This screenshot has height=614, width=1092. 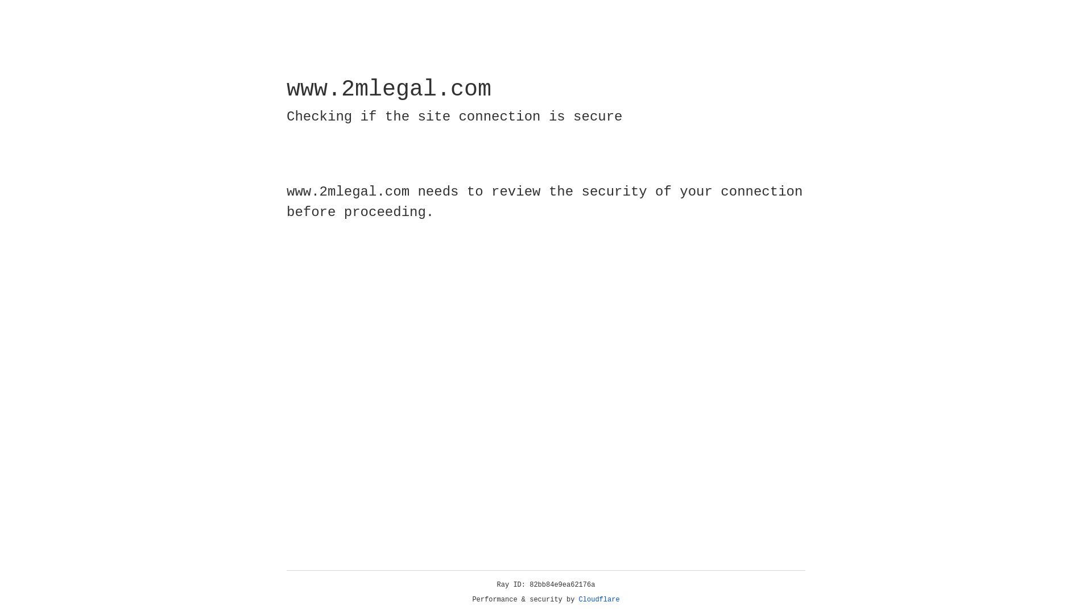 I want to click on 'Cloudflare', so click(x=578, y=599).